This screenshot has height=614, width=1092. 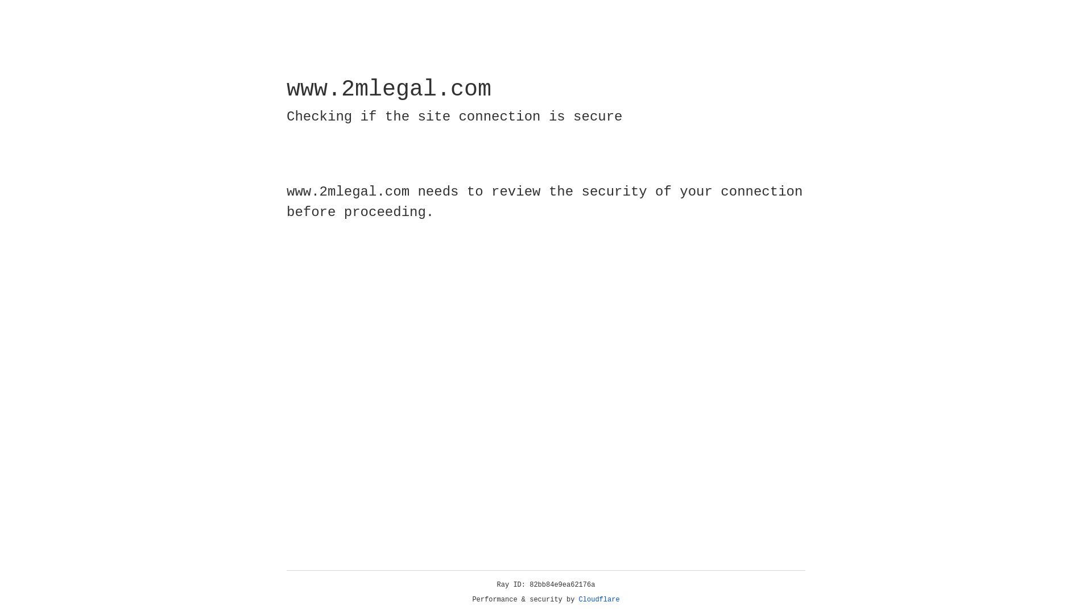 I want to click on 'Cloudflare', so click(x=578, y=599).